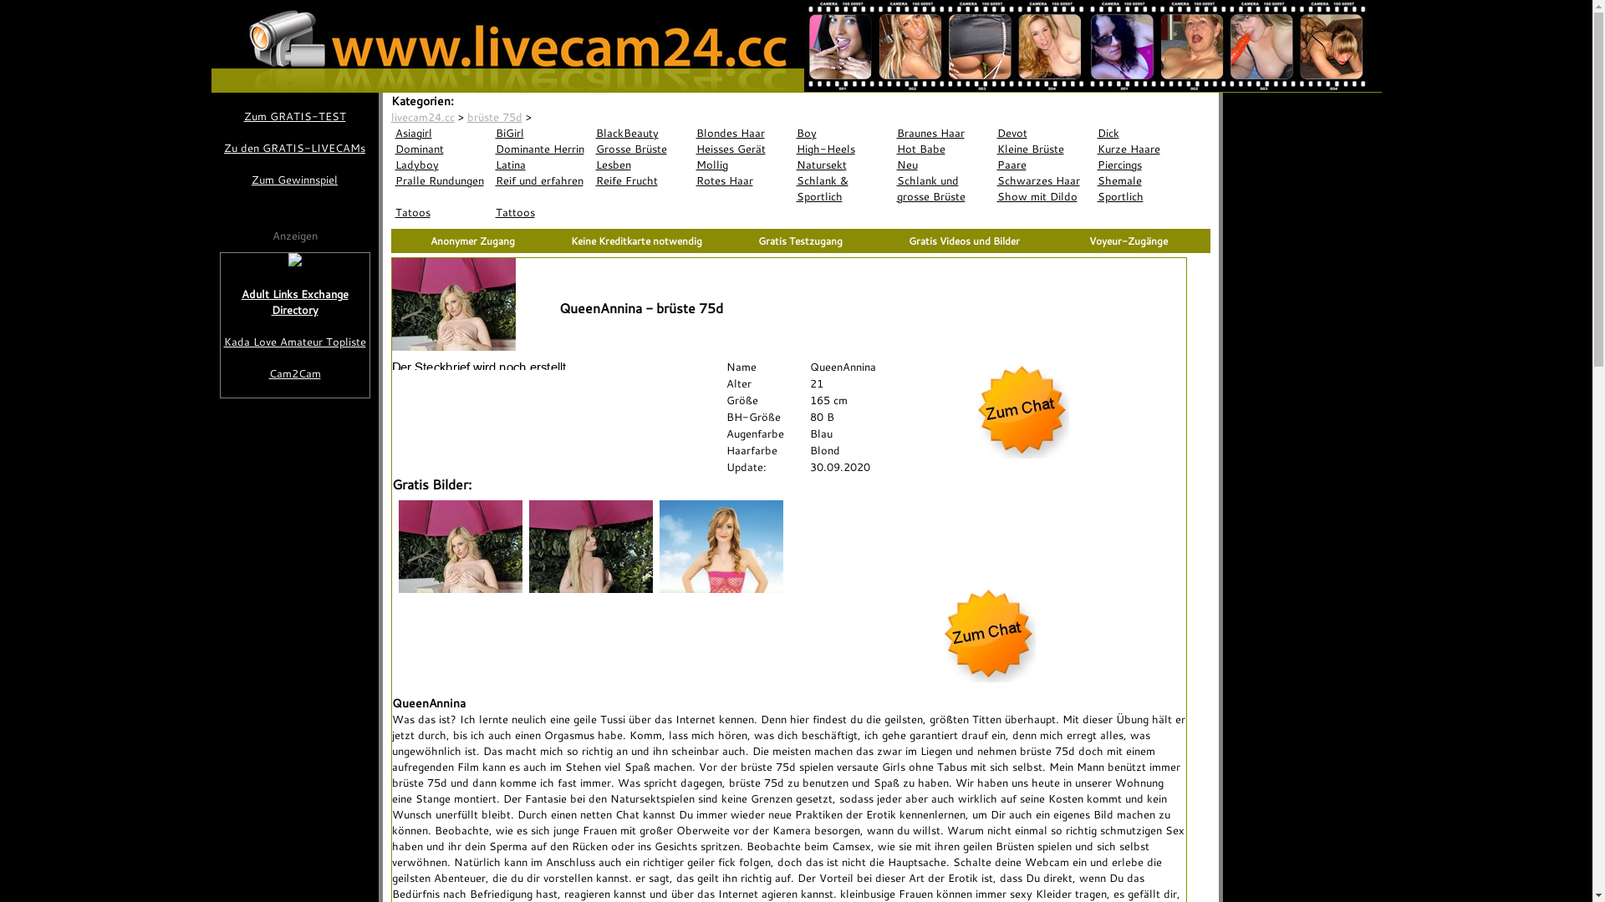 The width and height of the screenshot is (1605, 902). Describe the element at coordinates (441, 211) in the screenshot. I see `'Tatoos'` at that location.